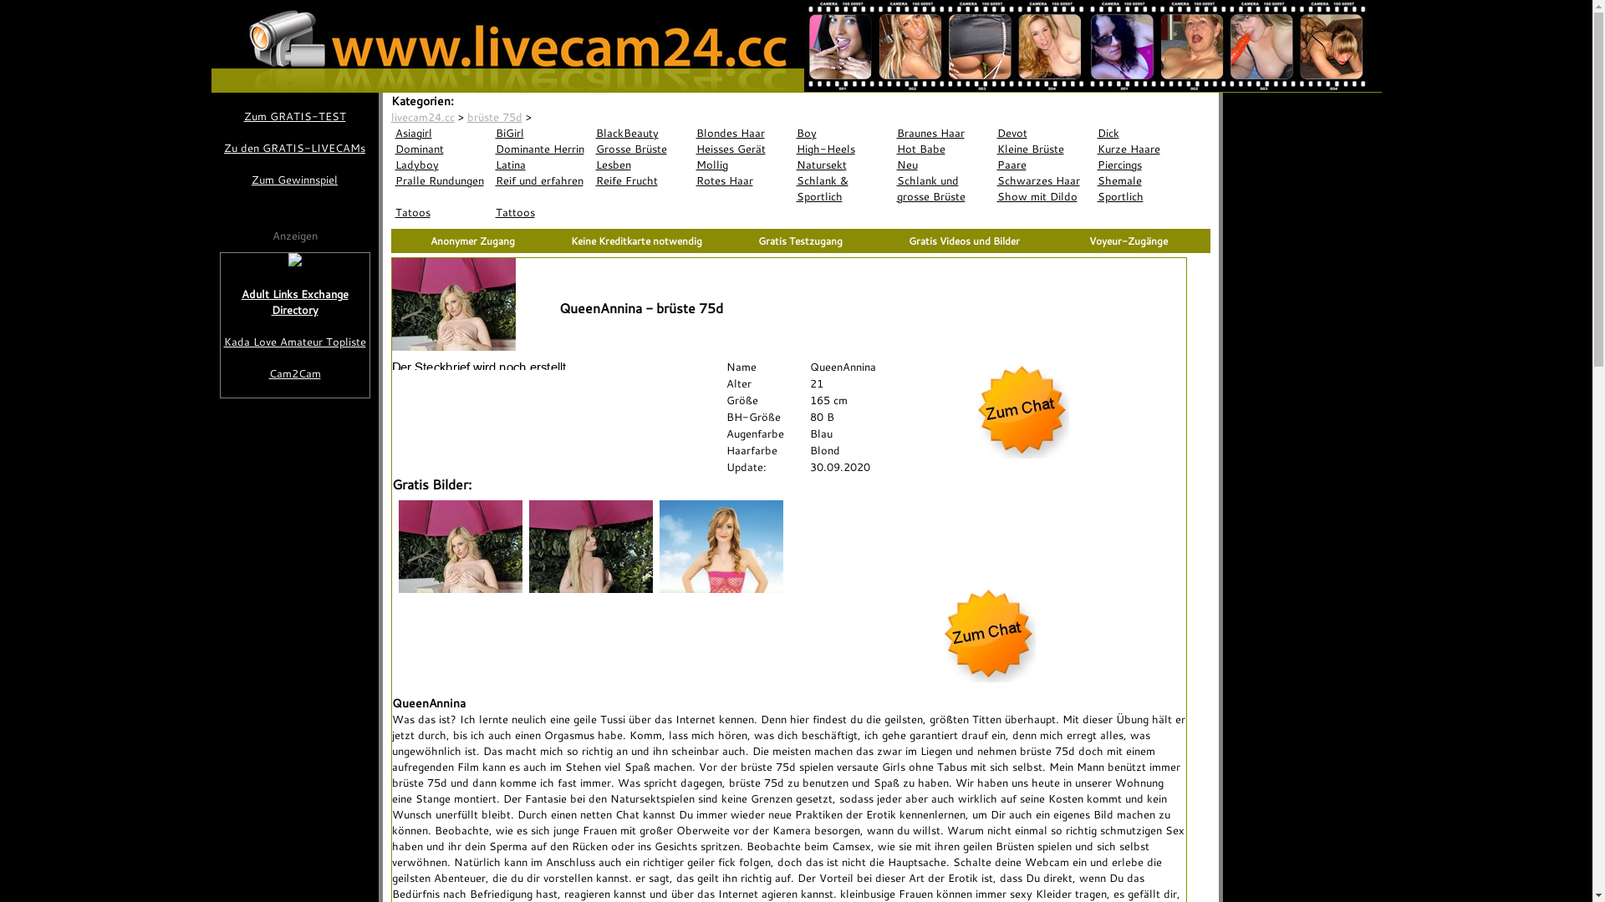 The width and height of the screenshot is (1605, 902). Describe the element at coordinates (441, 211) in the screenshot. I see `'Tatoos'` at that location.